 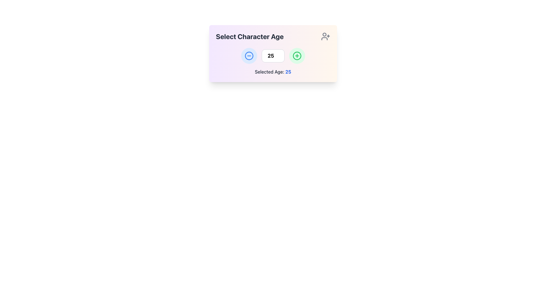 I want to click on the number input field, which is a small rectangular box with a white background and rounded corners, to focus and edit its value, so click(x=273, y=56).